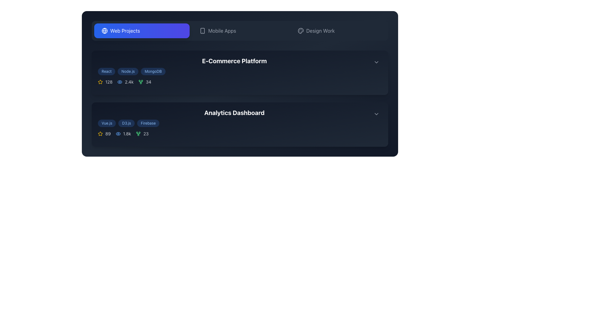 This screenshot has height=333, width=593. Describe the element at coordinates (376, 62) in the screenshot. I see `the circular button with a dark background and a downward-facing chevron icon` at that location.